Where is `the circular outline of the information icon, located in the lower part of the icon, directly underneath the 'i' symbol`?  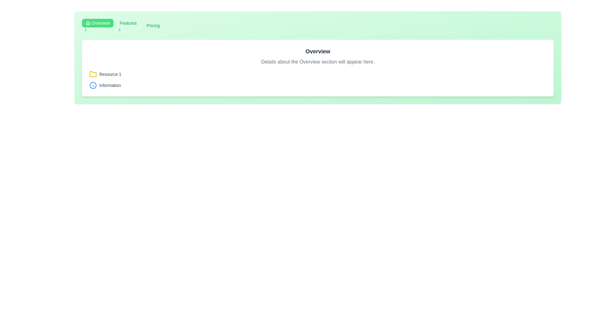 the circular outline of the information icon, located in the lower part of the icon, directly underneath the 'i' symbol is located at coordinates (93, 85).